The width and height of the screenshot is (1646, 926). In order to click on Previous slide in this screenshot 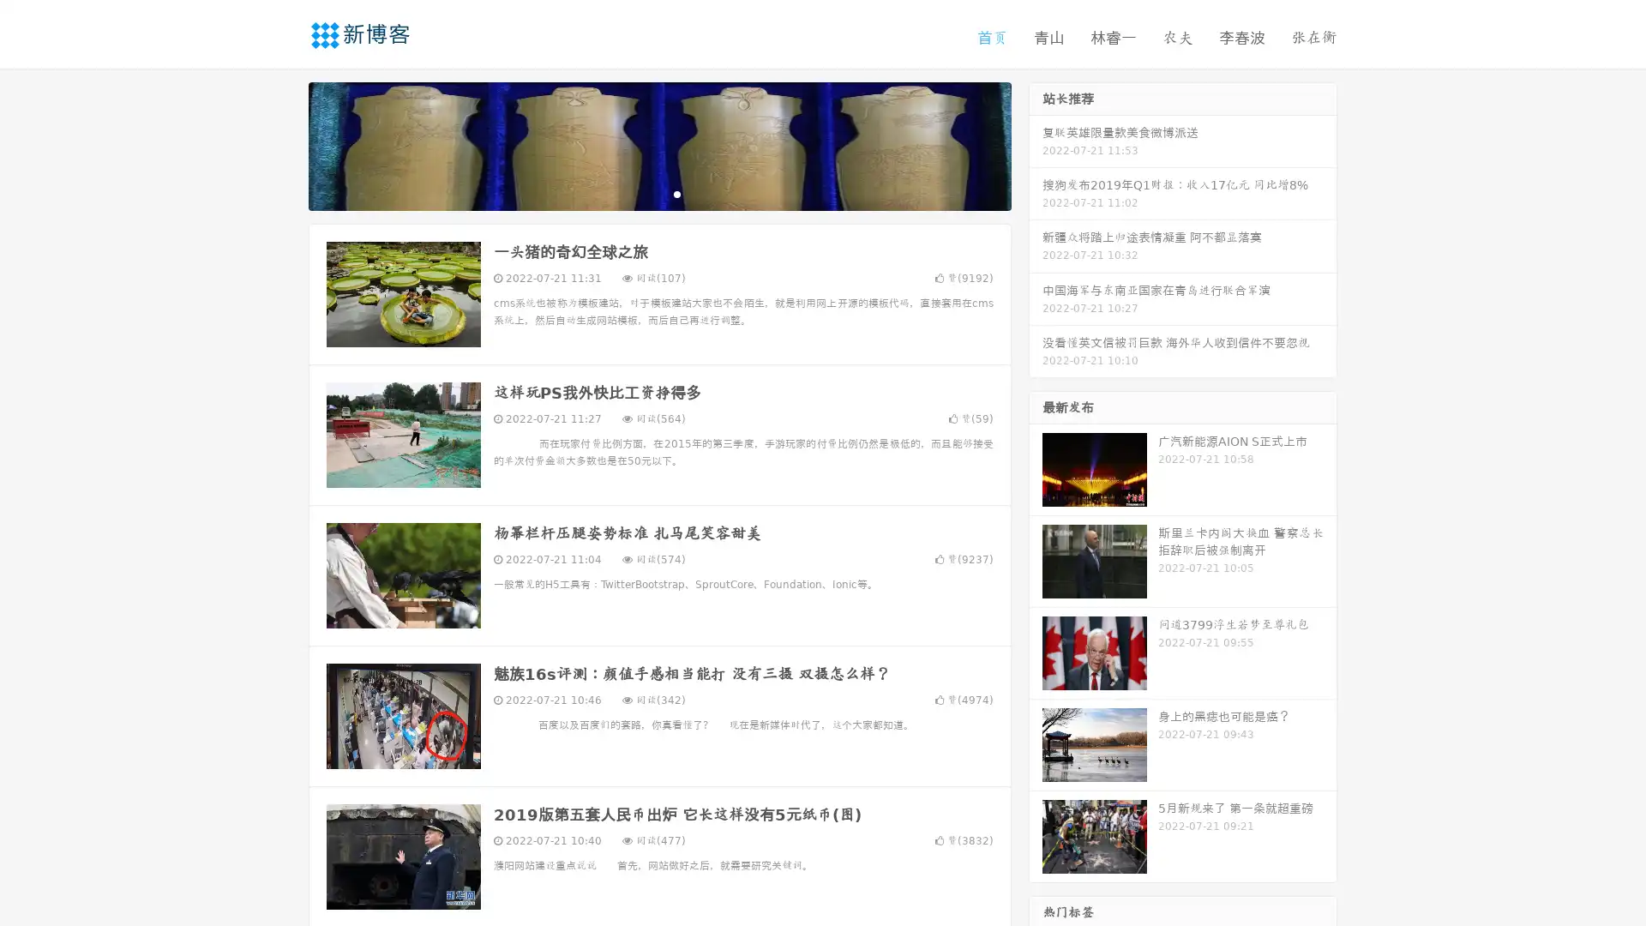, I will do `click(283, 144)`.